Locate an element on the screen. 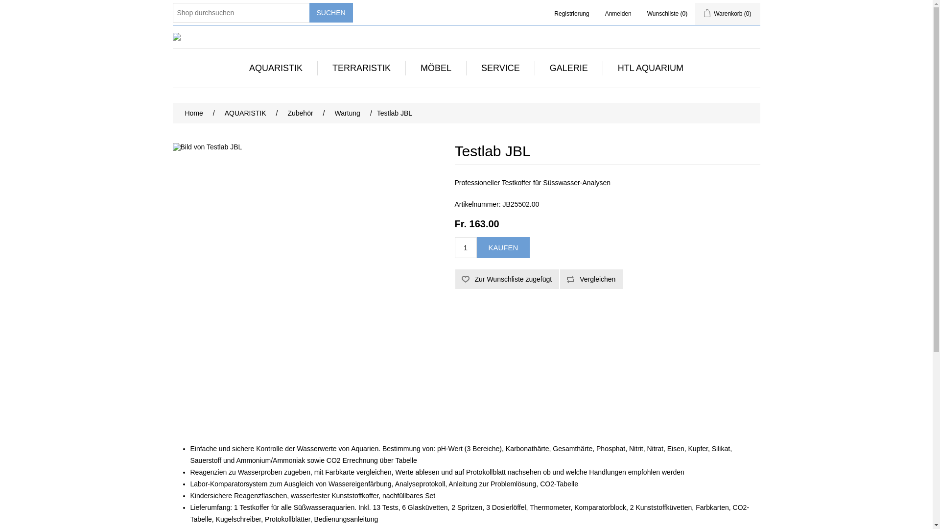 This screenshot has height=529, width=940. 'HTL AQUARIUM' is located at coordinates (651, 67).